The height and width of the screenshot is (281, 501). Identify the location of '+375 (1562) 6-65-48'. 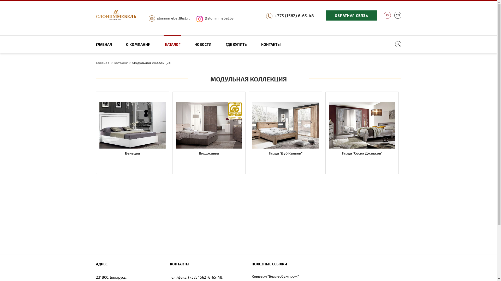
(274, 15).